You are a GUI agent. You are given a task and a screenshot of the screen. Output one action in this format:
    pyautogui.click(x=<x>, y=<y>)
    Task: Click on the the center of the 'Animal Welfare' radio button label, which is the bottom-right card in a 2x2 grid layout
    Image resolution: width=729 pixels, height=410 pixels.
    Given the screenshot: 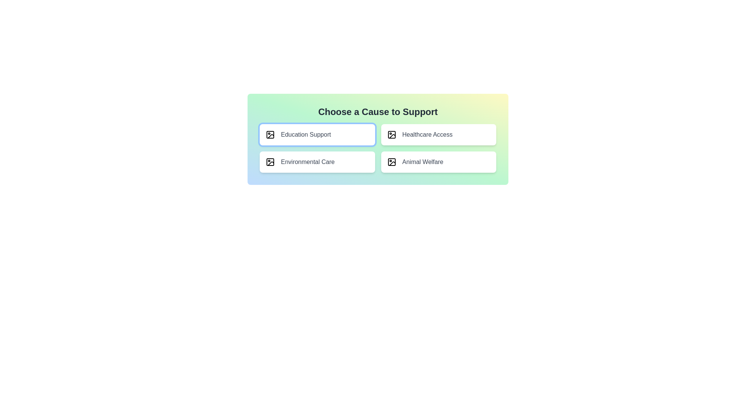 What is the action you would take?
    pyautogui.click(x=439, y=162)
    